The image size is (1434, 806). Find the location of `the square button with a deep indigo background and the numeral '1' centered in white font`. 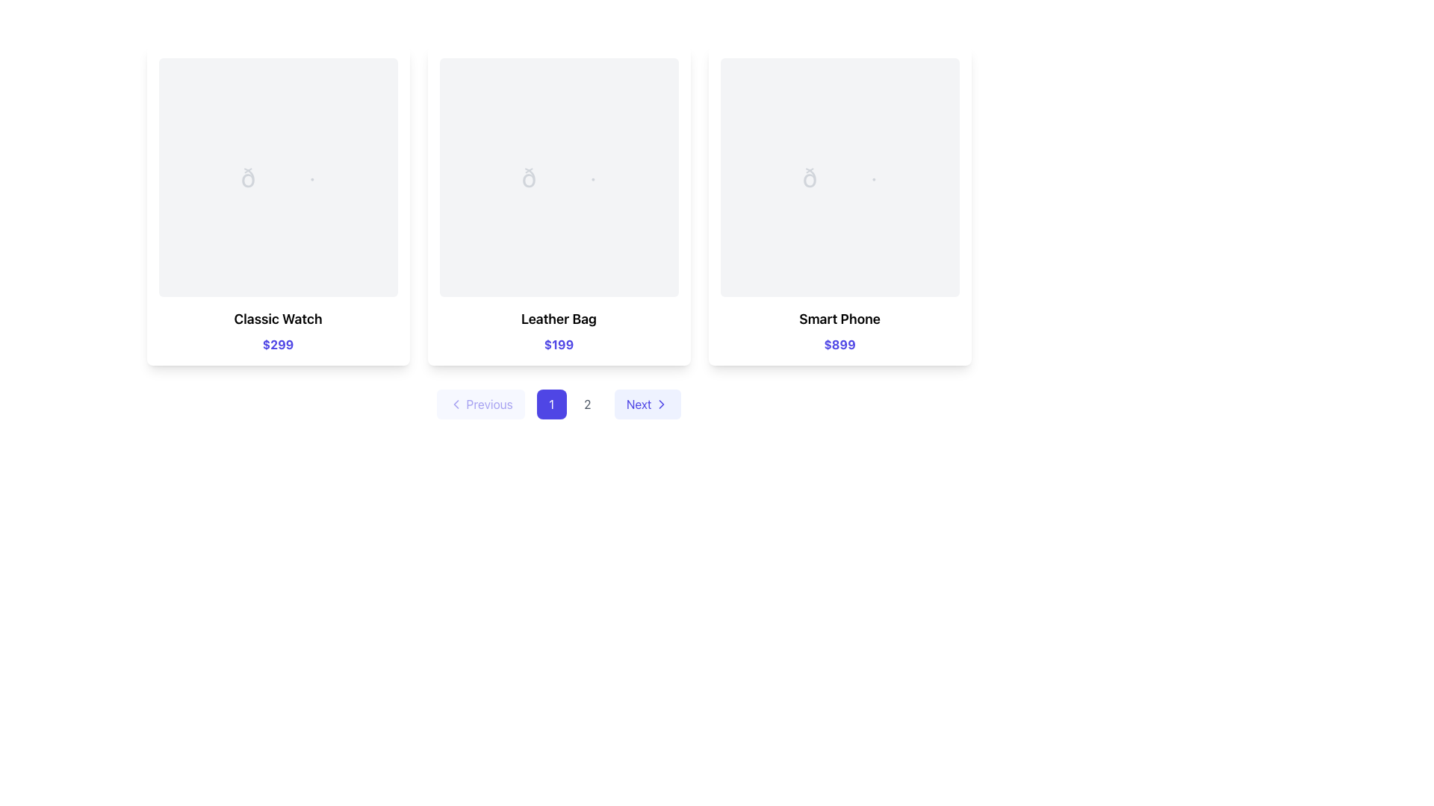

the square button with a deep indigo background and the numeral '1' centered in white font is located at coordinates (550, 404).